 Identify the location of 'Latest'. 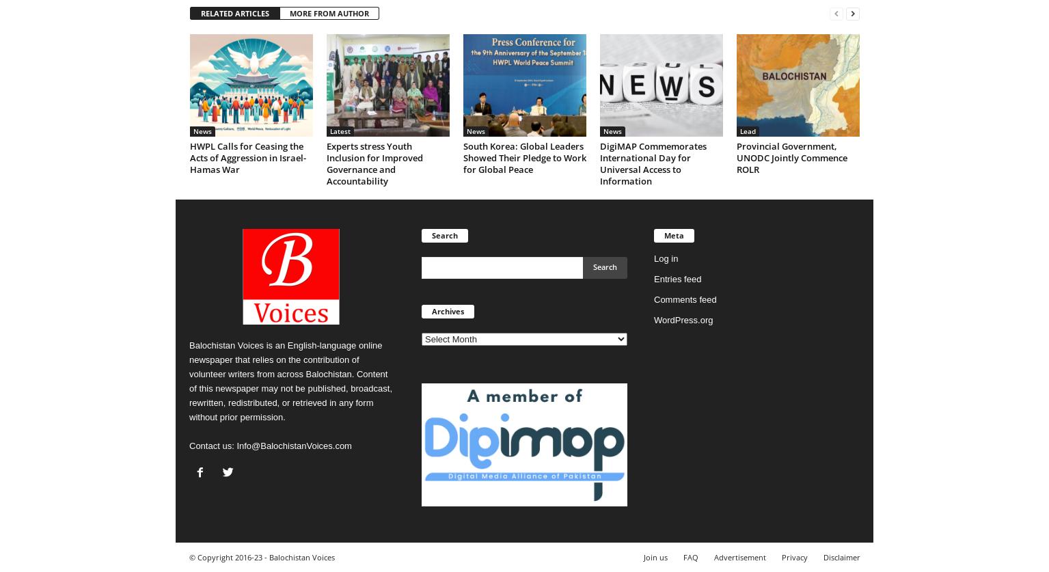
(339, 131).